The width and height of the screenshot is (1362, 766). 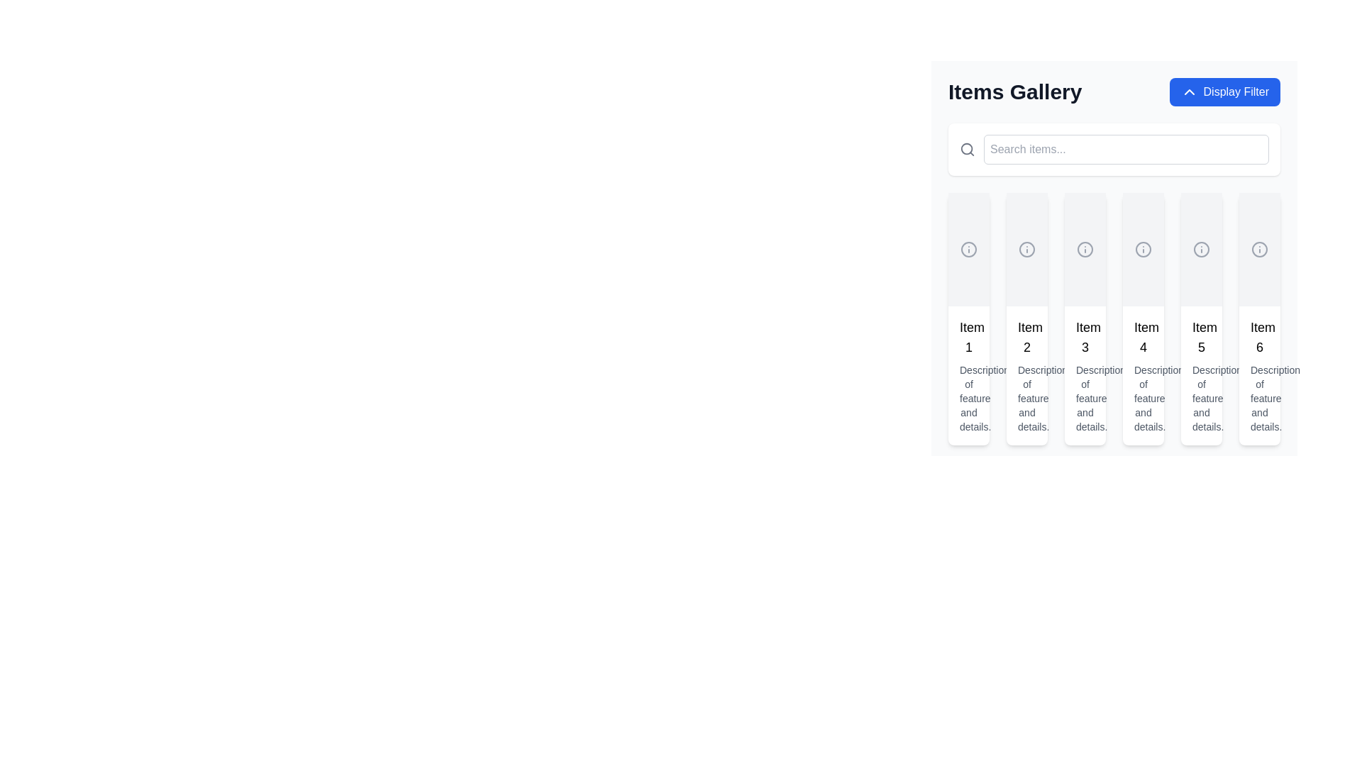 What do you see at coordinates (1027, 374) in the screenshot?
I see `the descriptive card labeled 'Item 2' which is the second item in a horizontally scrolling list, located below a gray icon` at bounding box center [1027, 374].